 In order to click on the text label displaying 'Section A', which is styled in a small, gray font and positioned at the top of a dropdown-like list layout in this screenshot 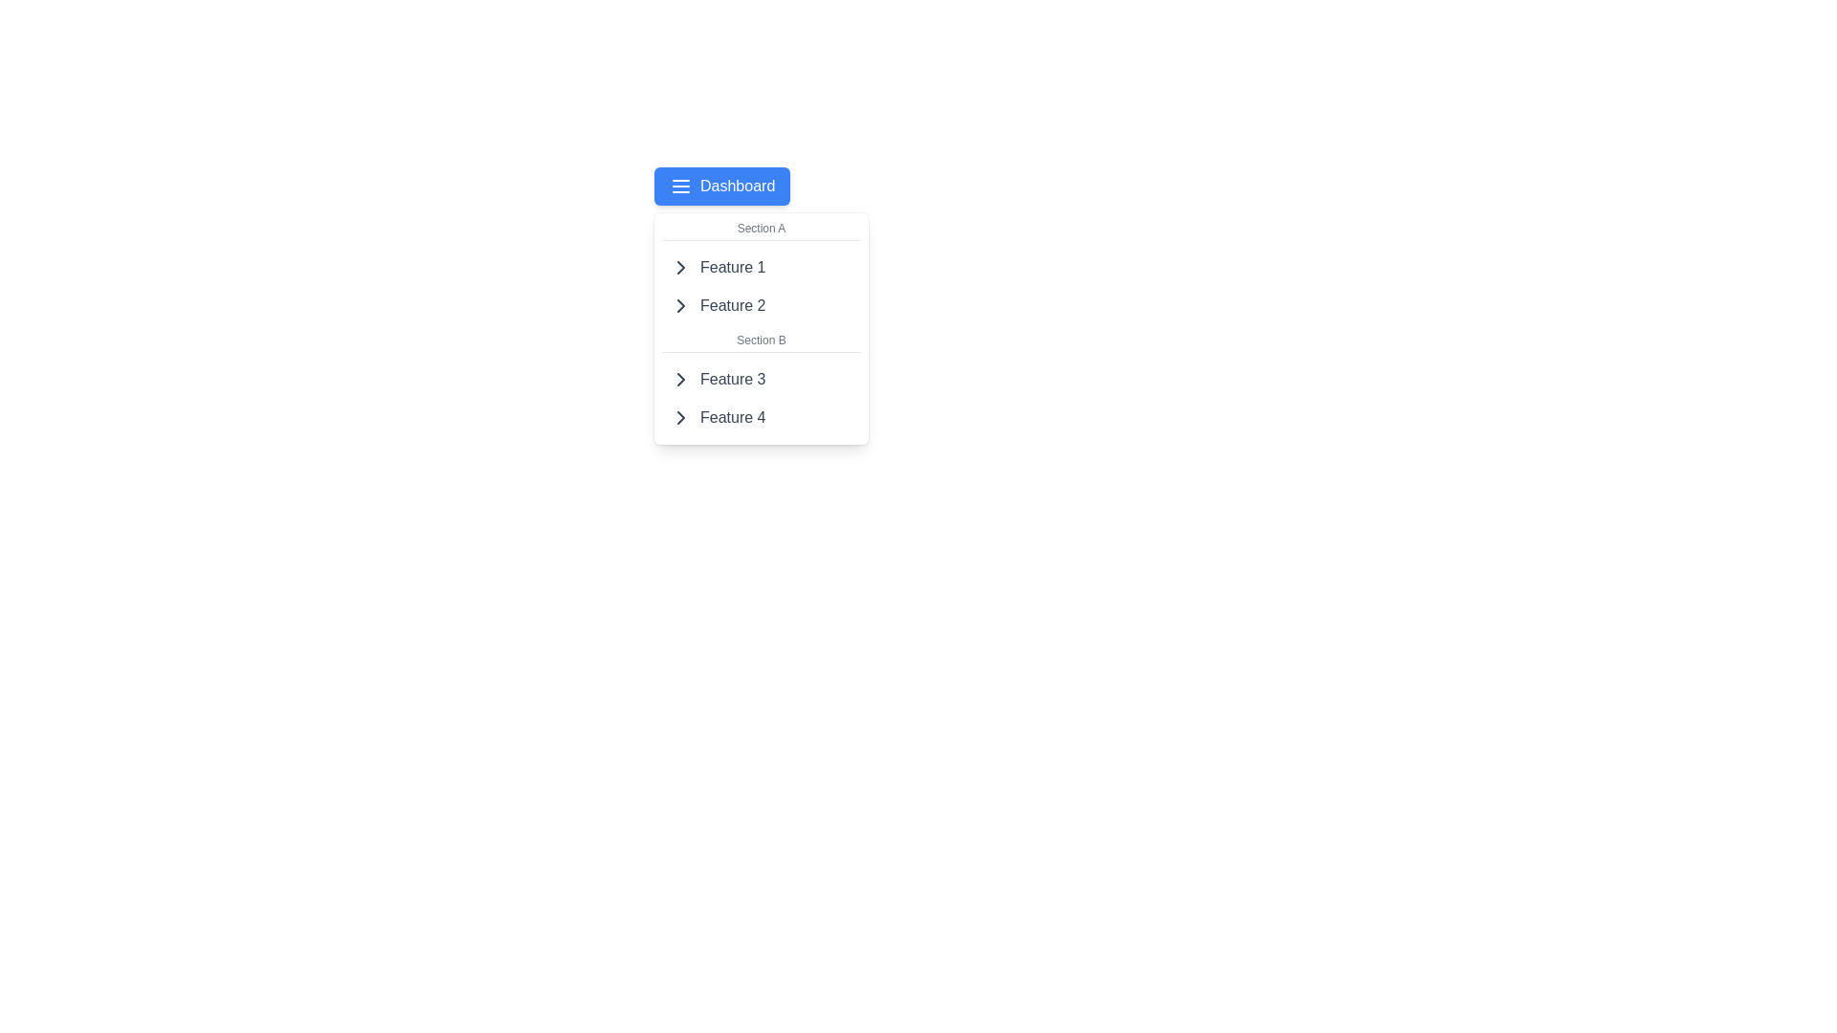, I will do `click(761, 228)`.